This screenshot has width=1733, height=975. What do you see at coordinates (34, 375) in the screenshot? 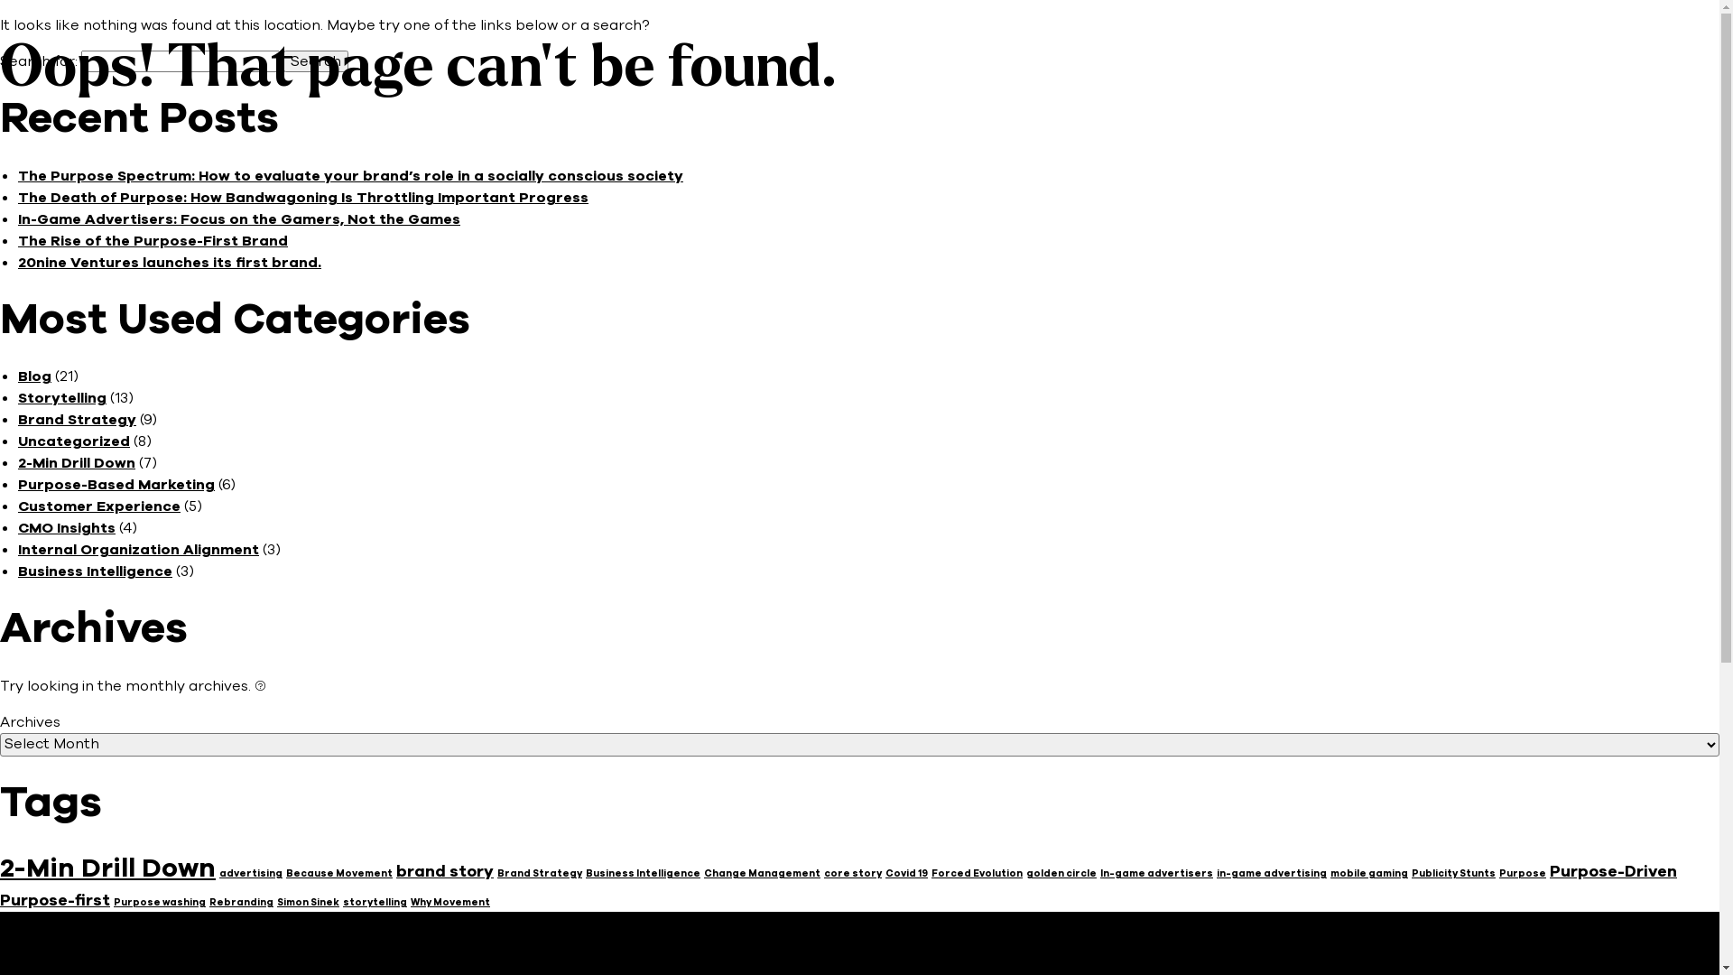
I see `'Blog'` at bounding box center [34, 375].